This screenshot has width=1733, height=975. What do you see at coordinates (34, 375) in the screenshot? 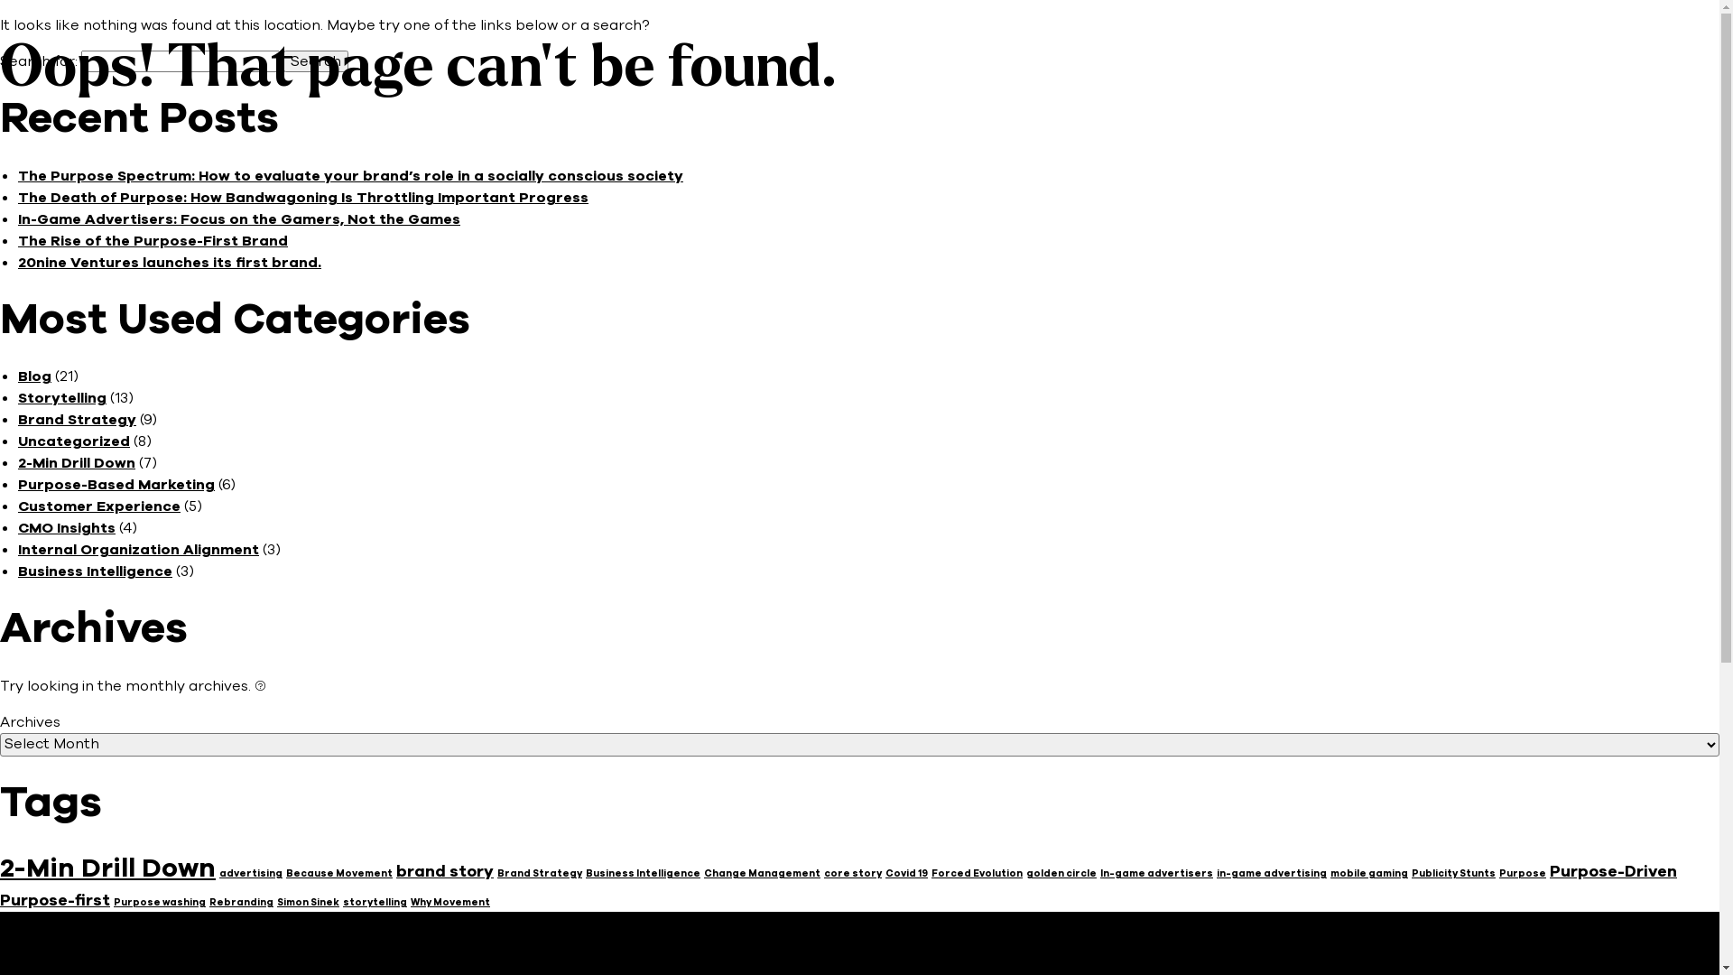
I see `'Blog'` at bounding box center [34, 375].